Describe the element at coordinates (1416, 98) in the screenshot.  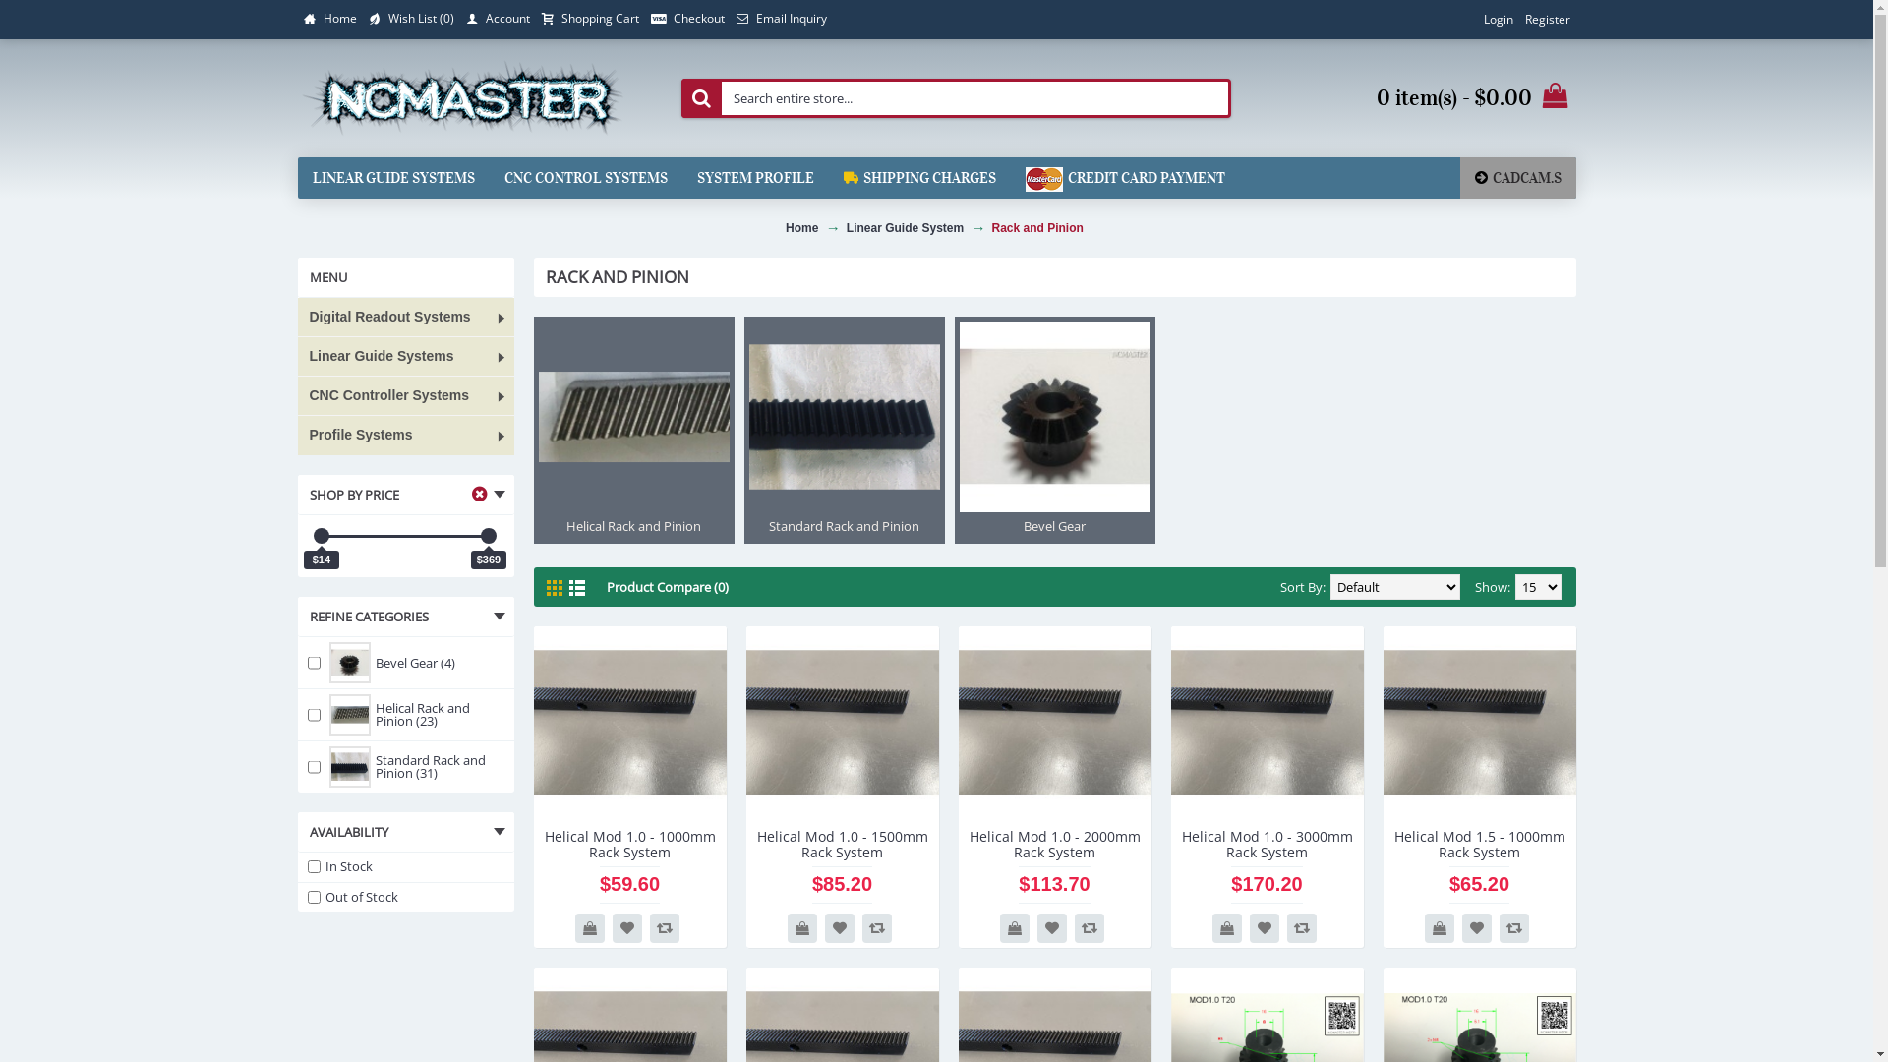
I see `'0 item(s) - $0.00'` at that location.